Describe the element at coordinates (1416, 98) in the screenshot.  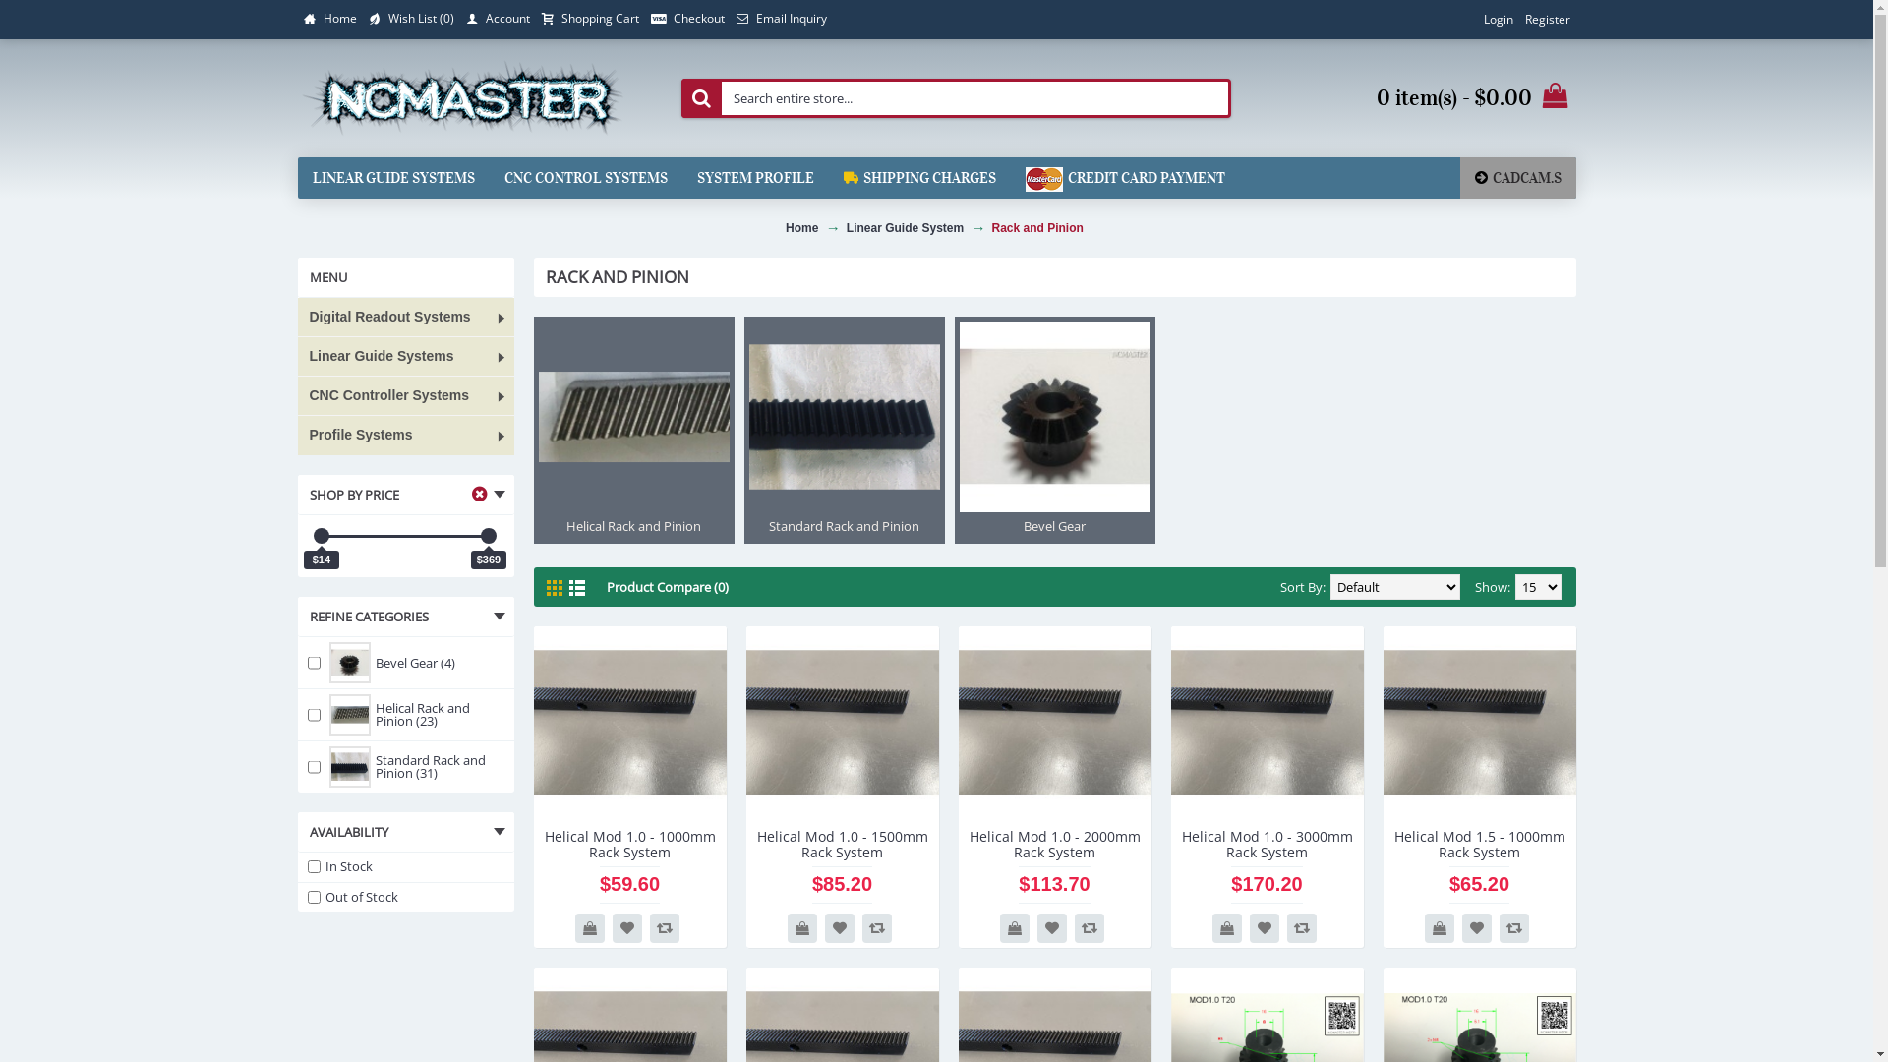
I see `'0 item(s) - $0.00'` at that location.